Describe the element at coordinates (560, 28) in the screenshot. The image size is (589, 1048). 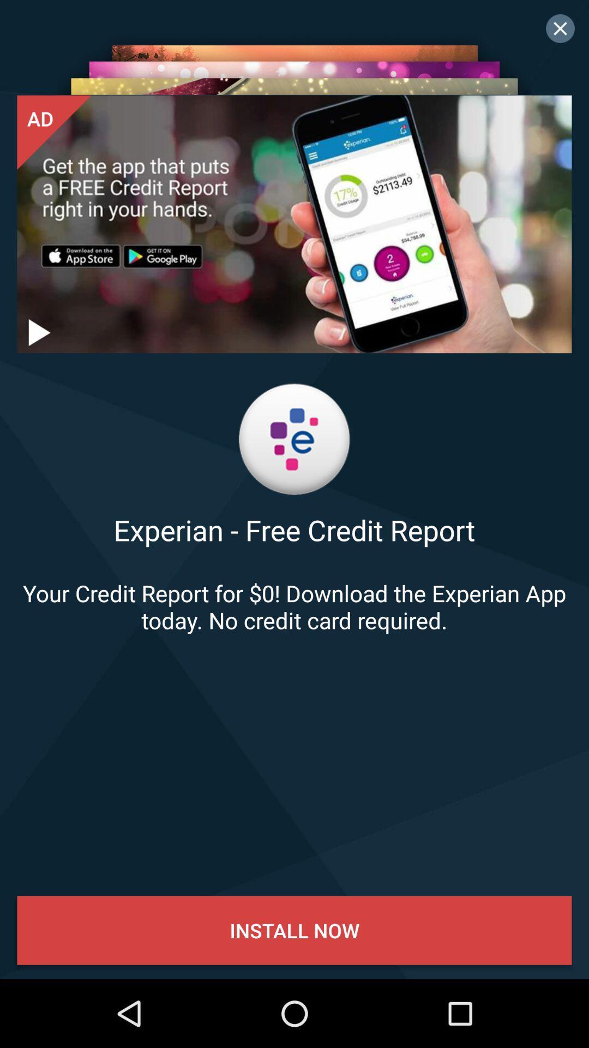
I see `the icon at the top right corner` at that location.